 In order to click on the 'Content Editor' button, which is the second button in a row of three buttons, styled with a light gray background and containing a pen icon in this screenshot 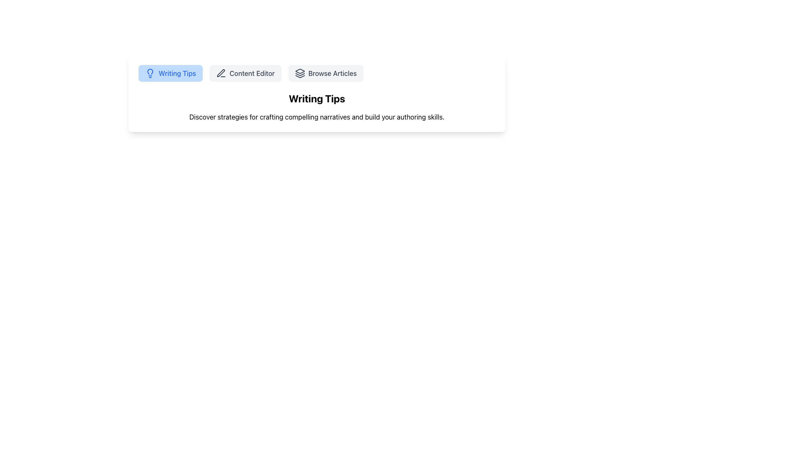, I will do `click(245, 73)`.